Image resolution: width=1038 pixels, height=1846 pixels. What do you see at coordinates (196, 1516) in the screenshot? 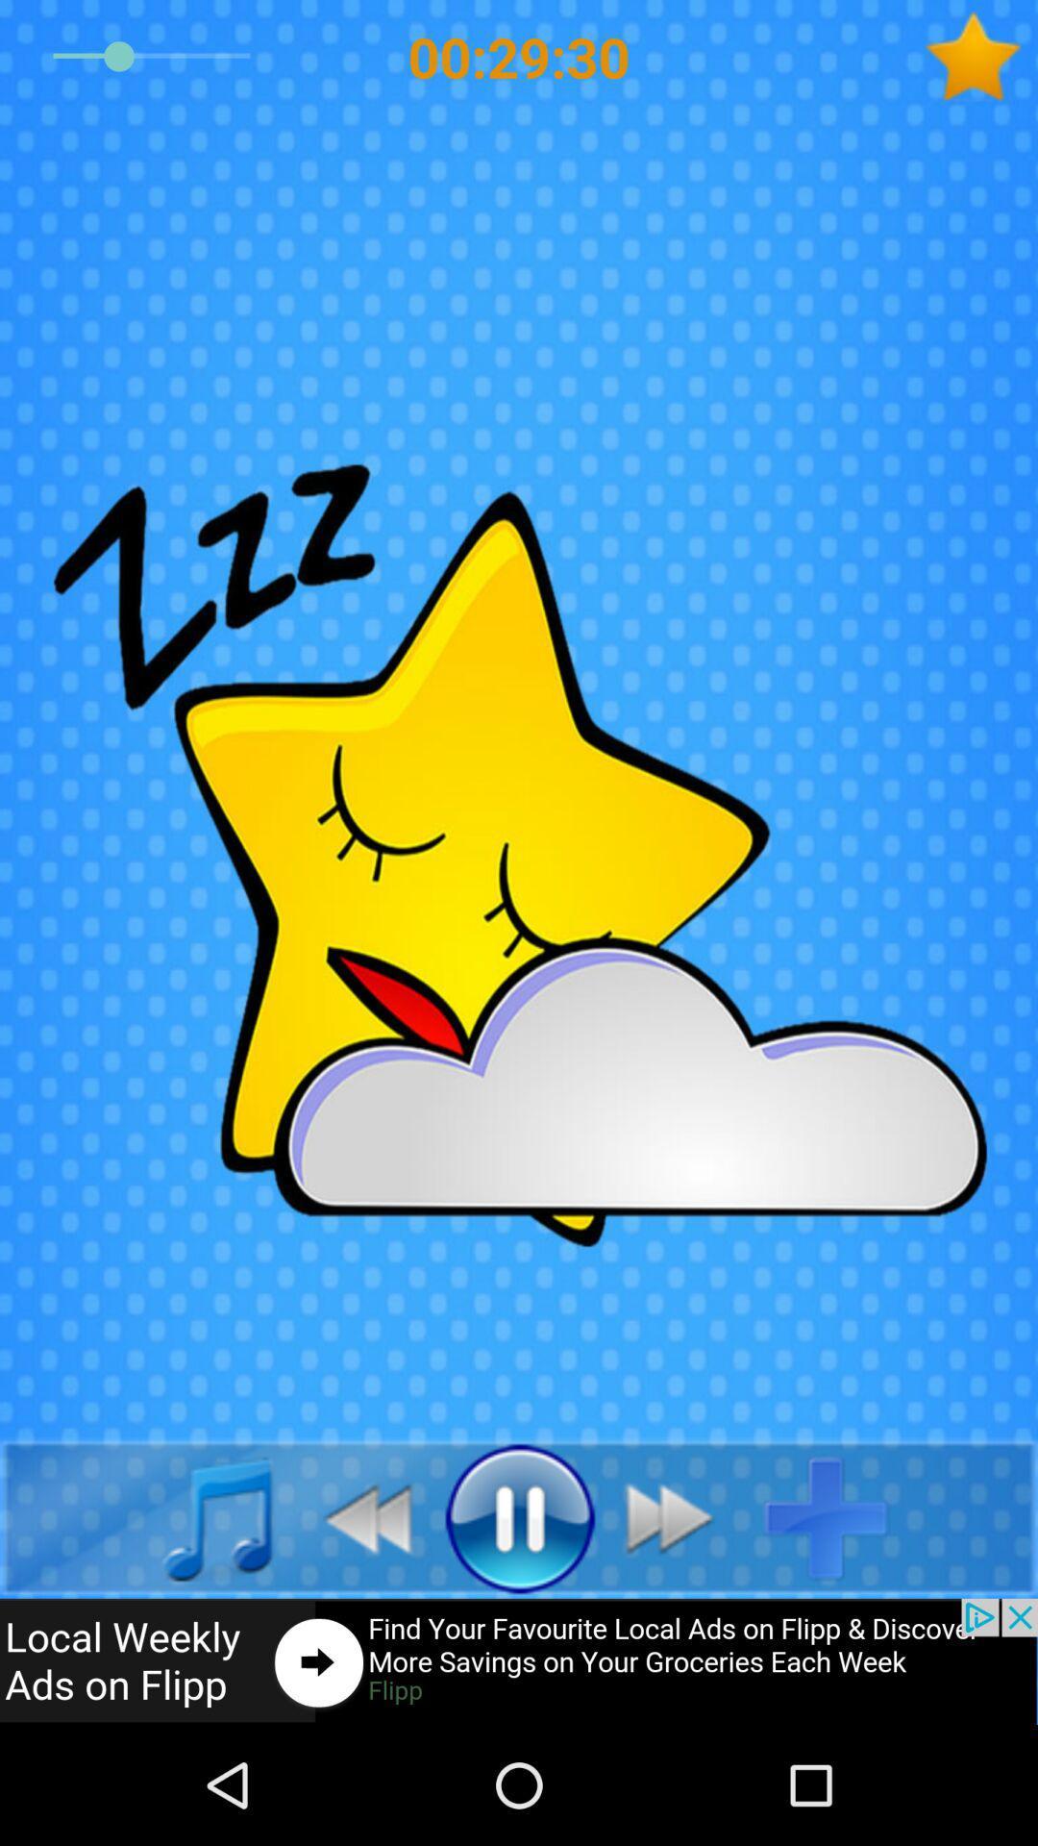
I see `music app` at bounding box center [196, 1516].